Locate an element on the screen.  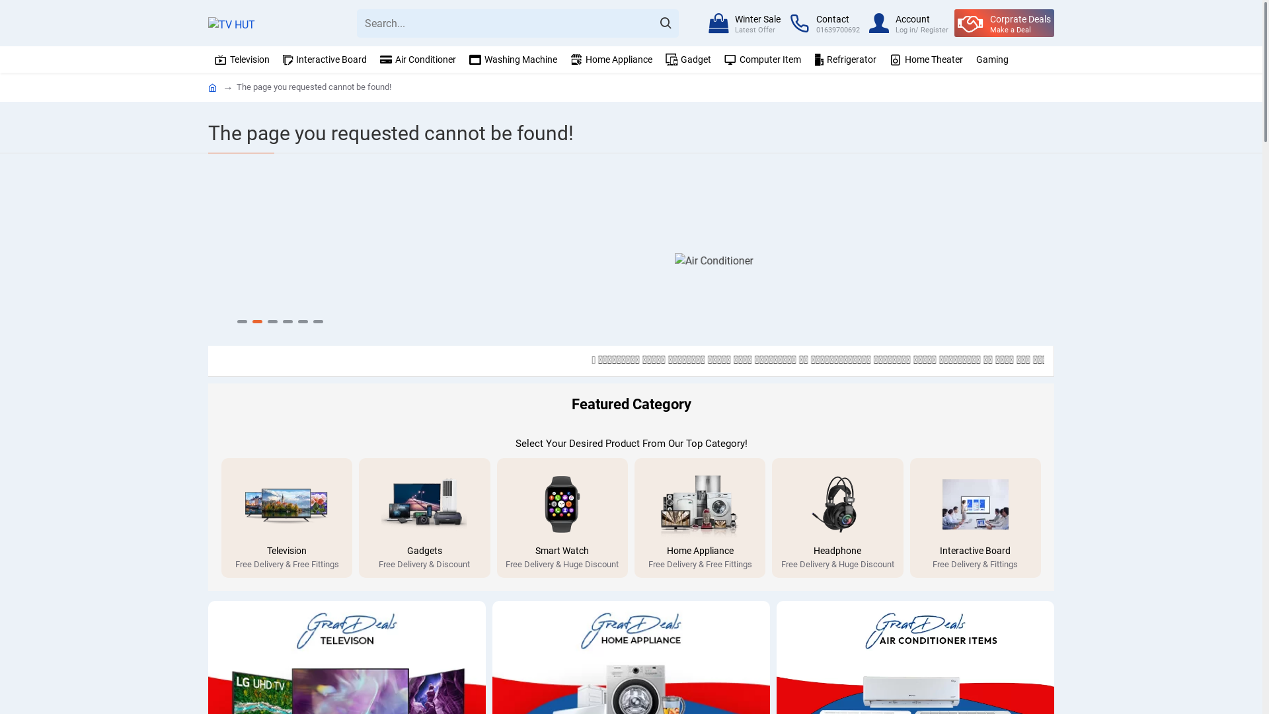
'Computer Item' is located at coordinates (761, 58).